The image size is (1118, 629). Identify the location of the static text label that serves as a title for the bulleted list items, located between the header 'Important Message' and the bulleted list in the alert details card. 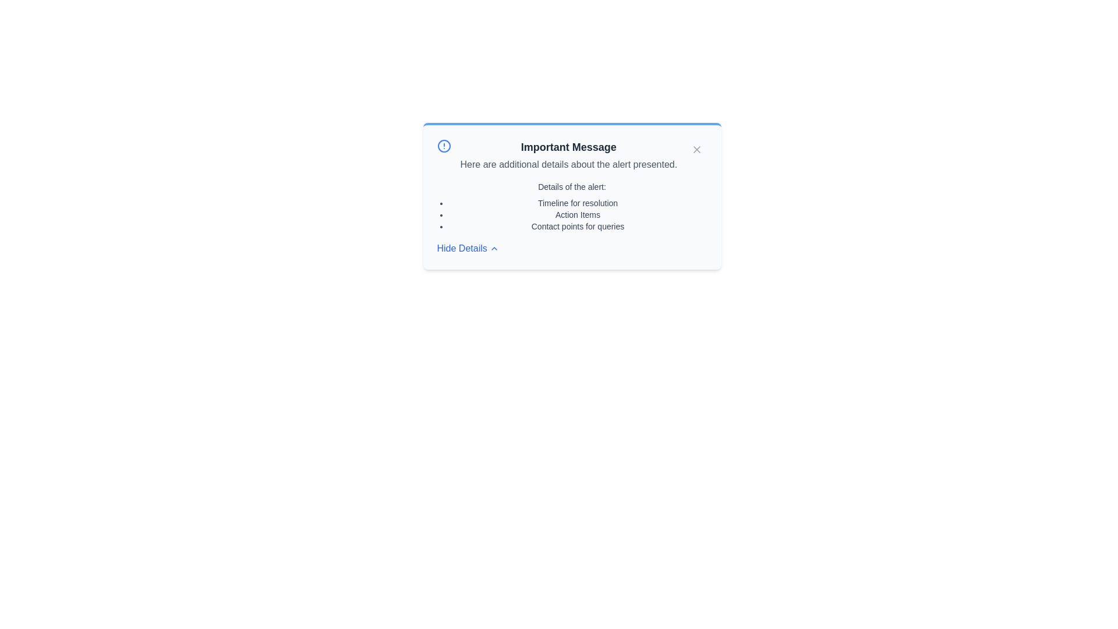
(572, 186).